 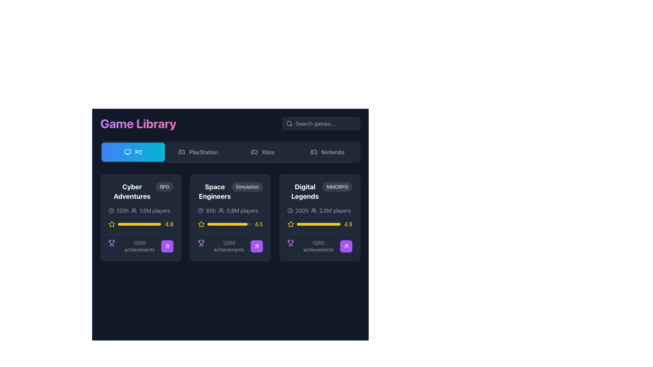 I want to click on the rating represented by the star icon located in the second row of game cards, adjacent to the numerical rating display, so click(x=290, y=224).